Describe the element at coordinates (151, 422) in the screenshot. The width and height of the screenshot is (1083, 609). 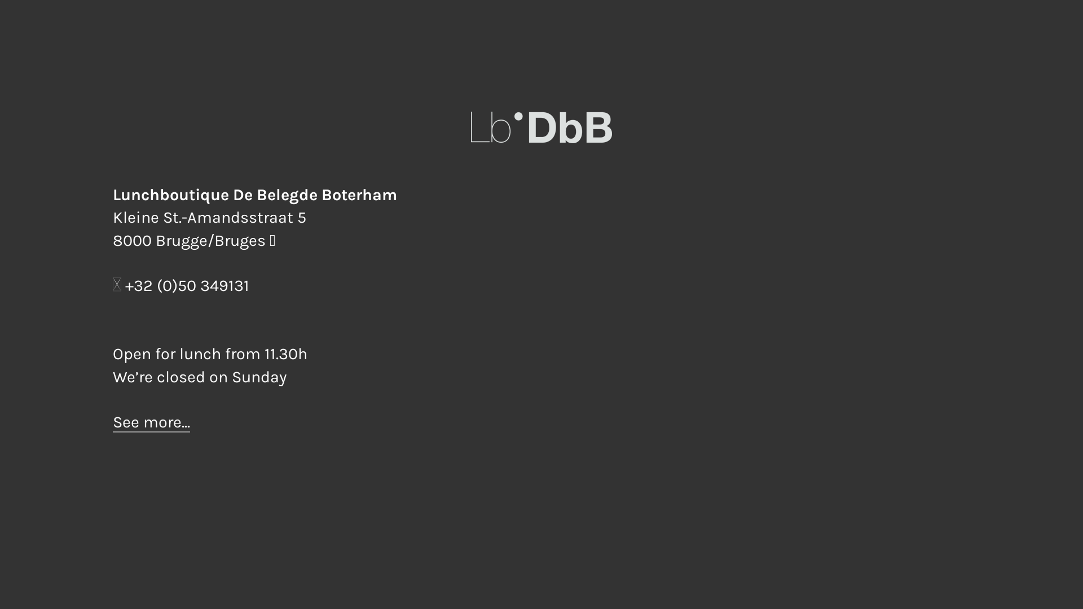
I see `'See more...'` at that location.